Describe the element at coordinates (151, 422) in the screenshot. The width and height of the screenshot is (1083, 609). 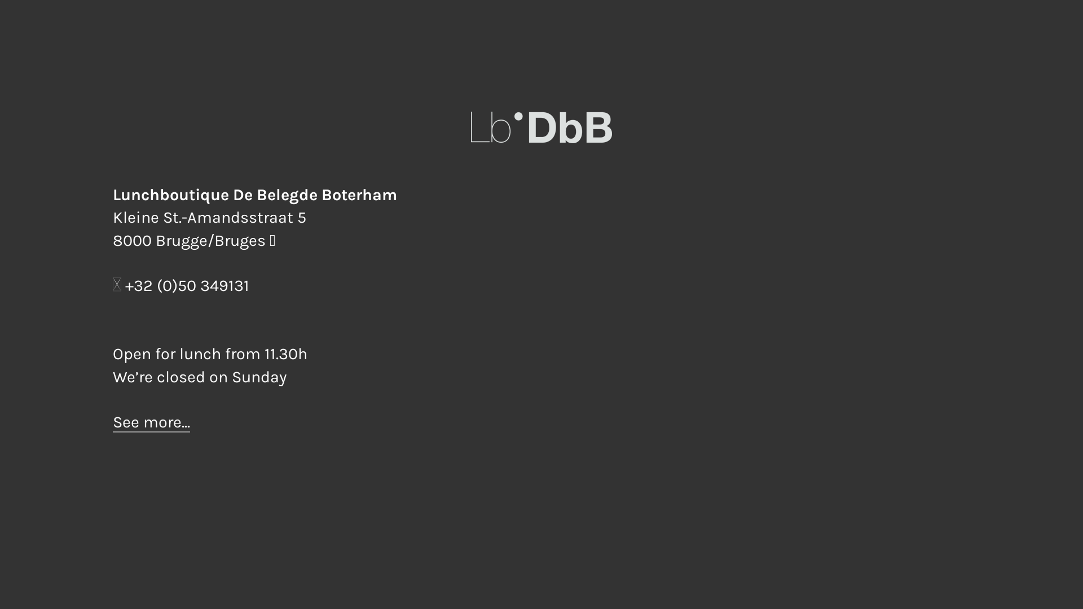
I see `'See more...'` at that location.